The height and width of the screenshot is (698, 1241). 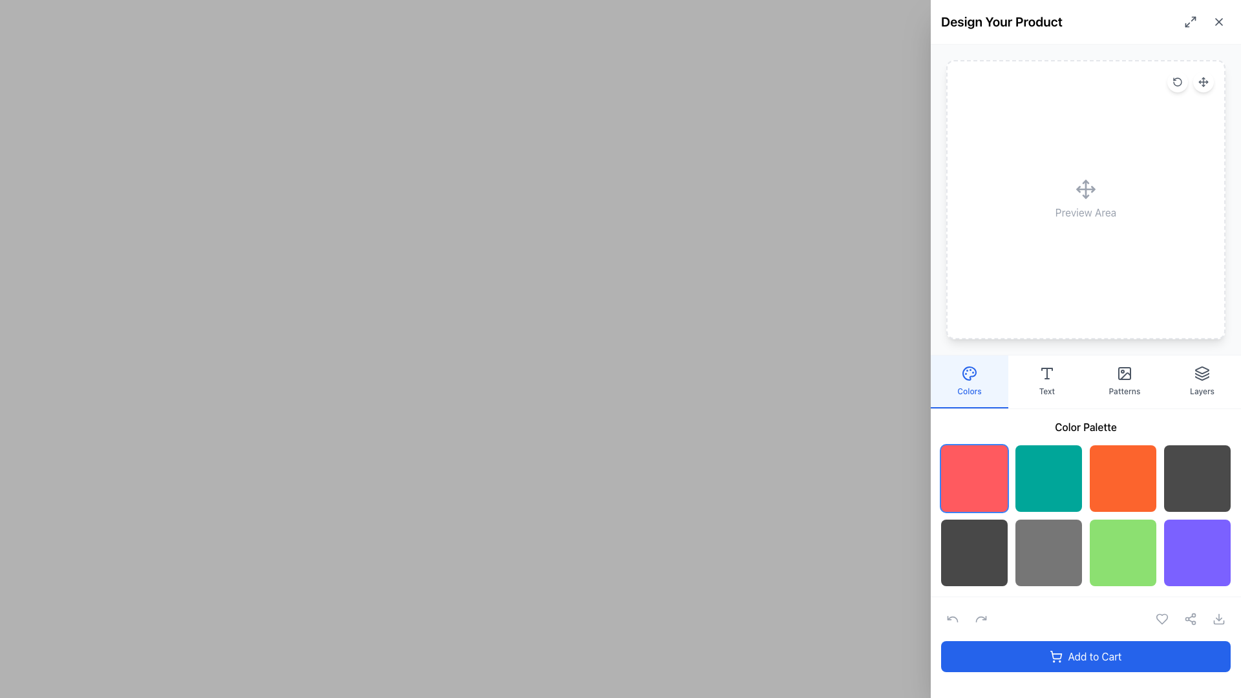 I want to click on the icon depicting intersecting arrows pointing in four directions, located at the center of the 'Preview Area' section, so click(x=1086, y=189).